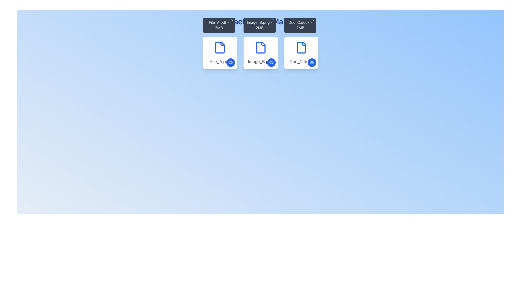 Image resolution: width=515 pixels, height=289 pixels. What do you see at coordinates (301, 61) in the screenshot?
I see `the text label displaying 'Doc_C.docx', which is styled in gray and centered, located below the blue document icon in the white rounded rectangular card` at bounding box center [301, 61].